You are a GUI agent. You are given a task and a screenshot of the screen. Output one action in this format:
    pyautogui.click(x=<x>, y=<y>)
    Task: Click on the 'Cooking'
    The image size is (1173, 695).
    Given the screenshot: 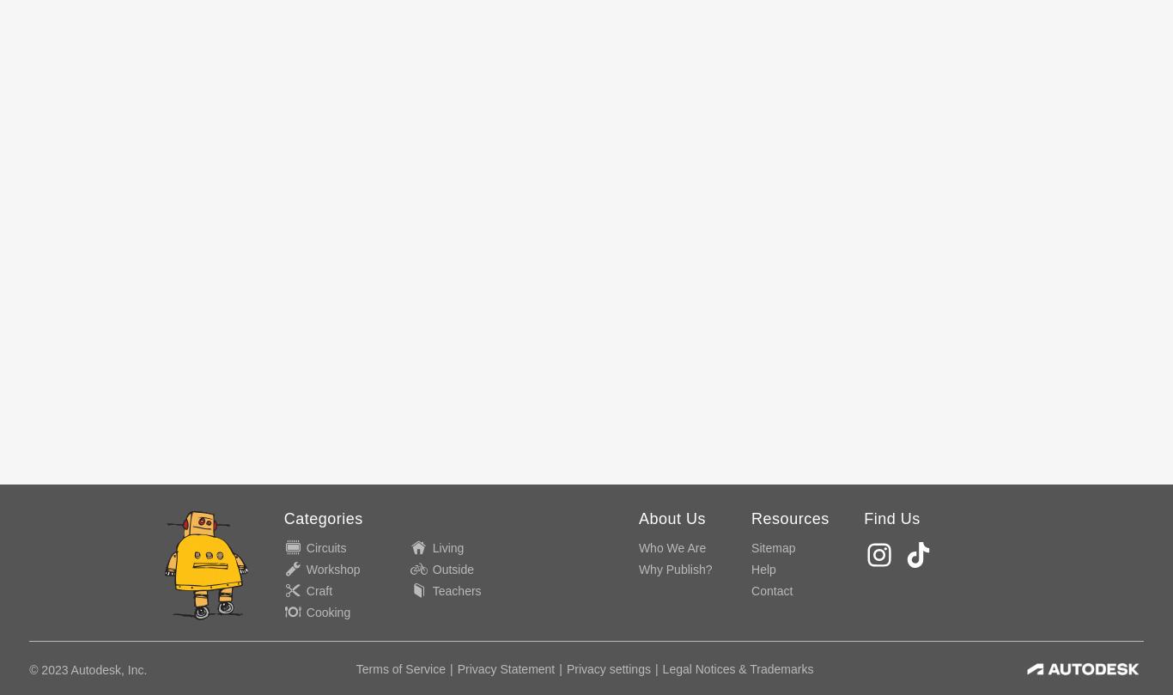 What is the action you would take?
    pyautogui.click(x=326, y=611)
    